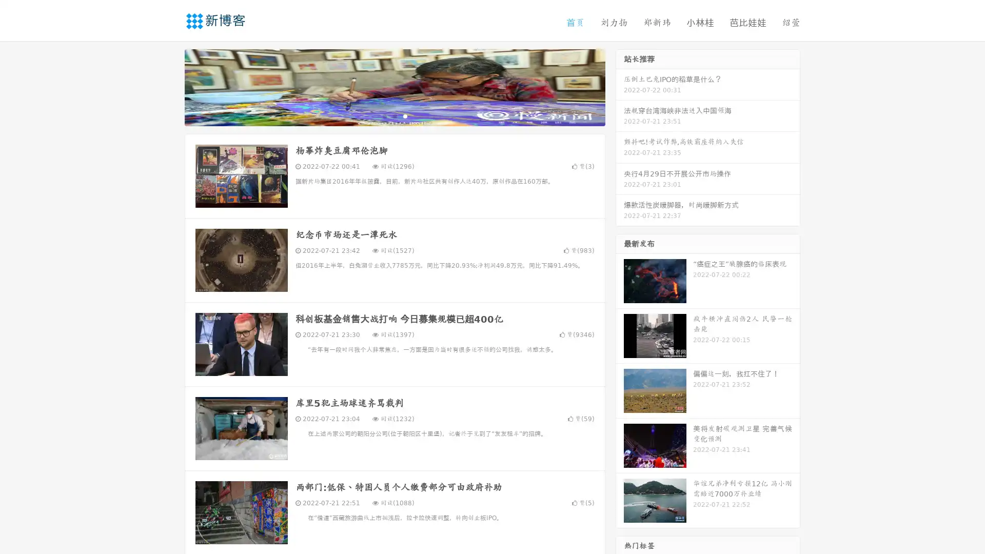 The width and height of the screenshot is (985, 554). I want to click on Next slide, so click(620, 86).